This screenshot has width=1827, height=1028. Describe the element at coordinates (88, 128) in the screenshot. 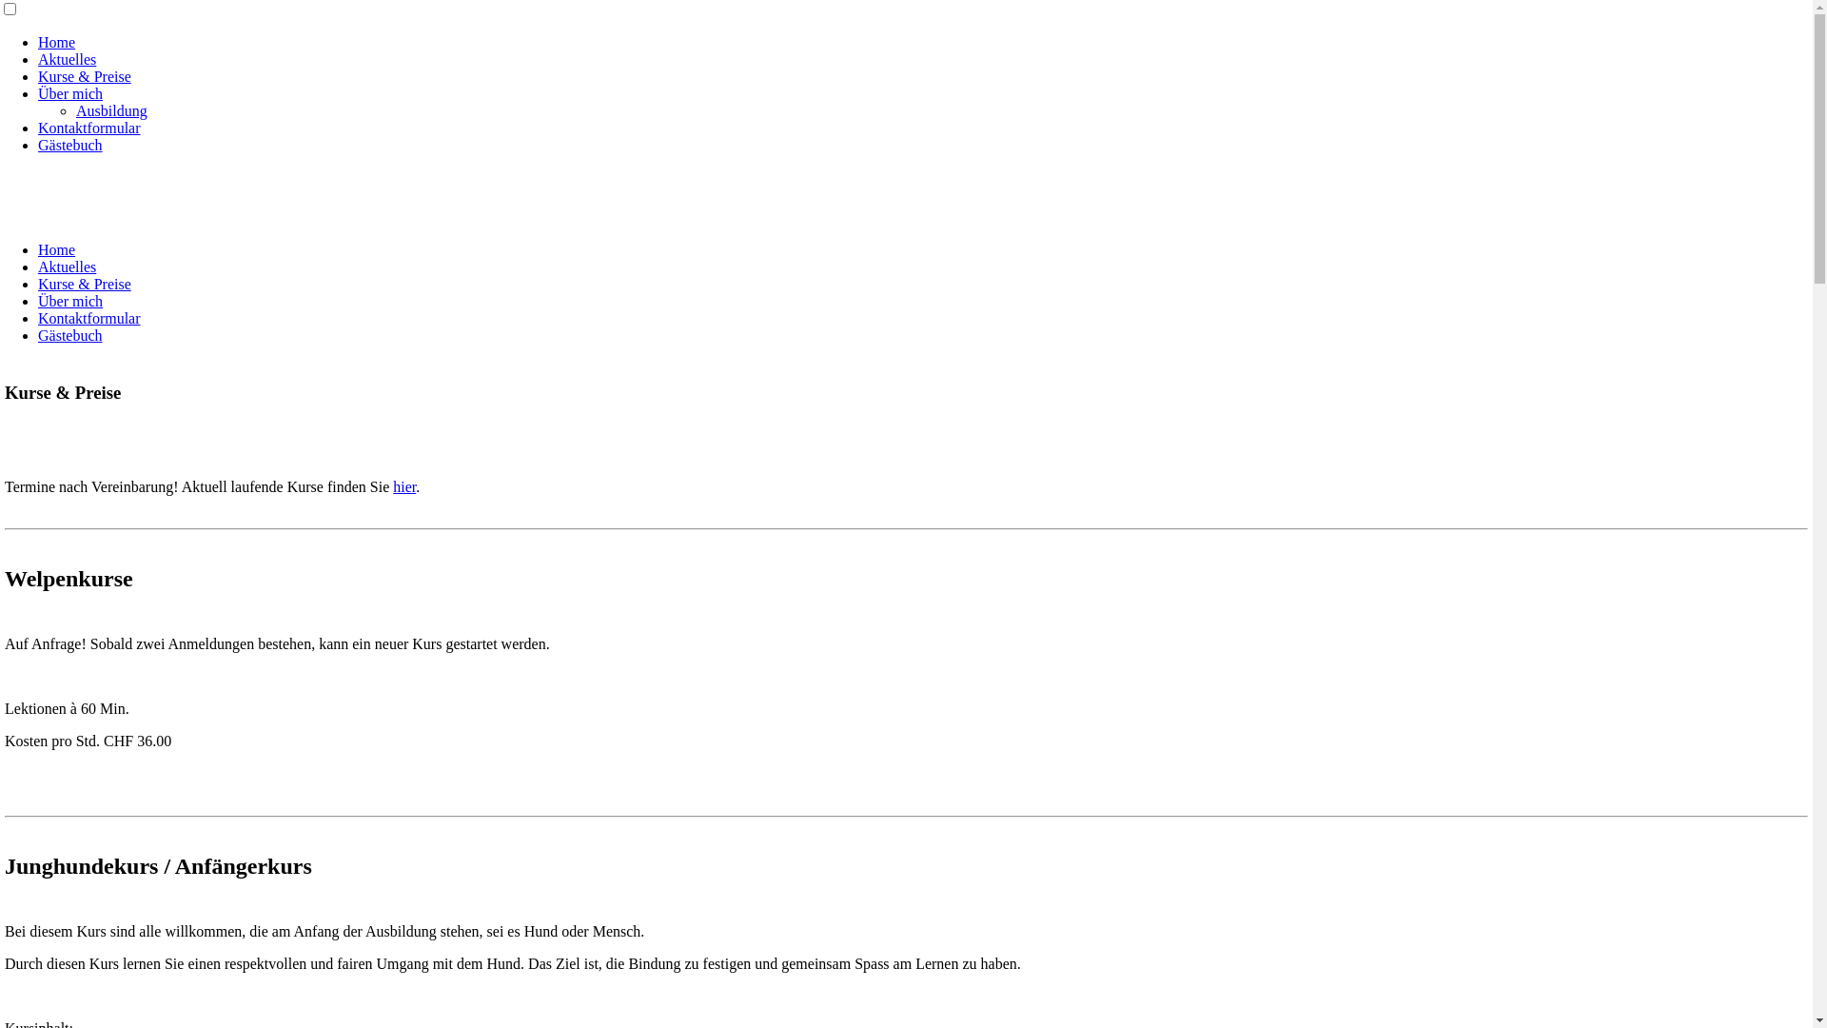

I see `'Kontaktformular'` at that location.